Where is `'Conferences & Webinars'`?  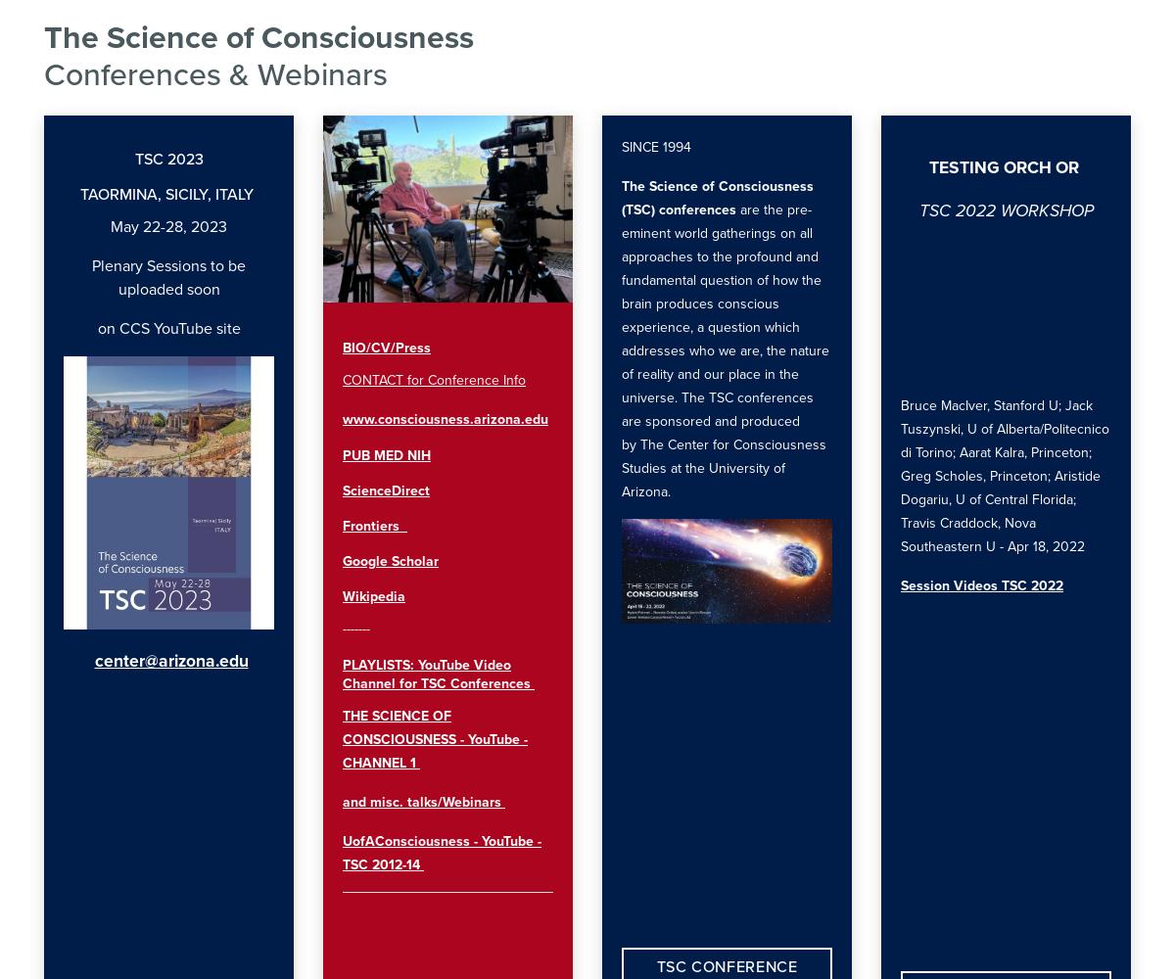 'Conferences & Webinars' is located at coordinates (44, 74).